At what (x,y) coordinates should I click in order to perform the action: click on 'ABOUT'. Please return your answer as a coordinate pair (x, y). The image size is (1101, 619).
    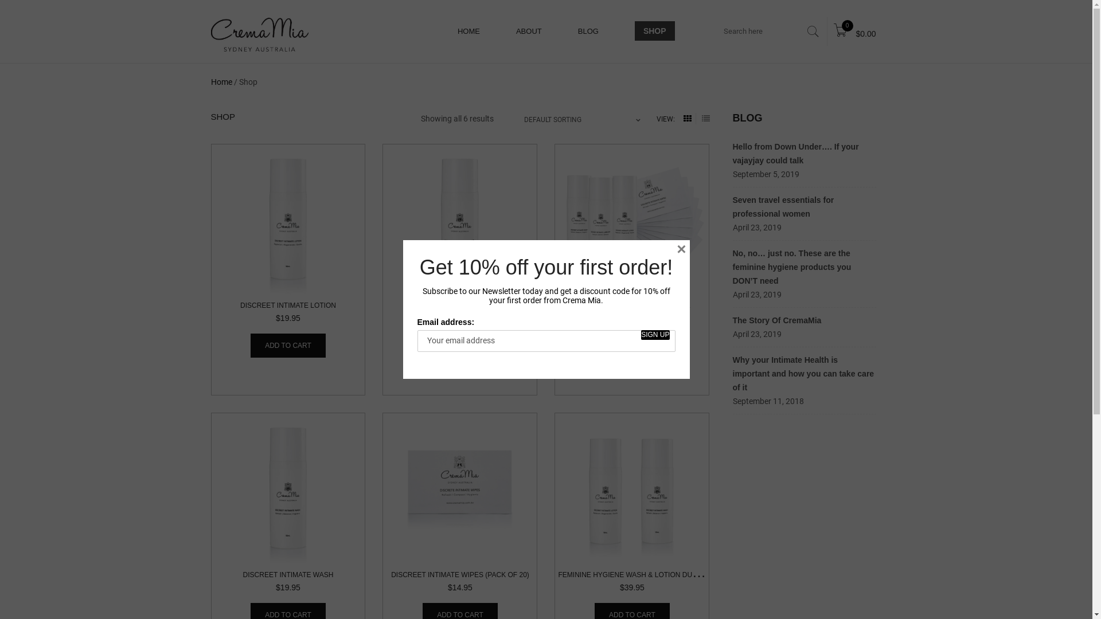
    Looking at the image, I should click on (528, 30).